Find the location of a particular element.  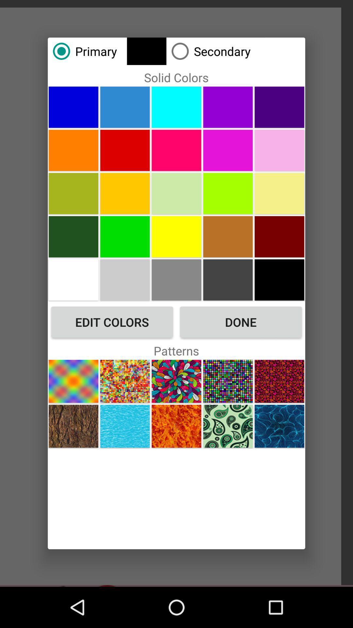

this color is located at coordinates (73, 193).